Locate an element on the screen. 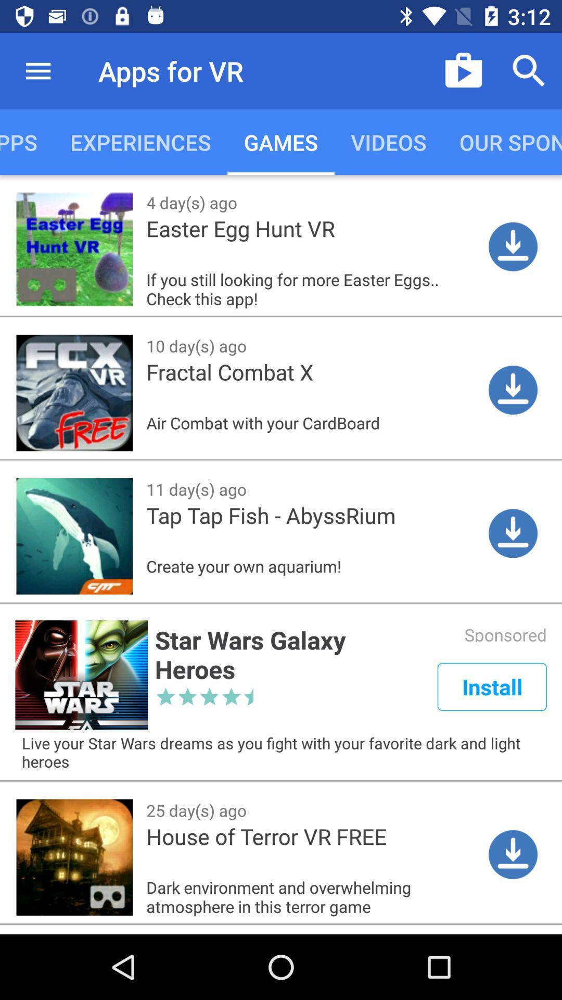 The image size is (562, 1000). the install is located at coordinates (492, 686).